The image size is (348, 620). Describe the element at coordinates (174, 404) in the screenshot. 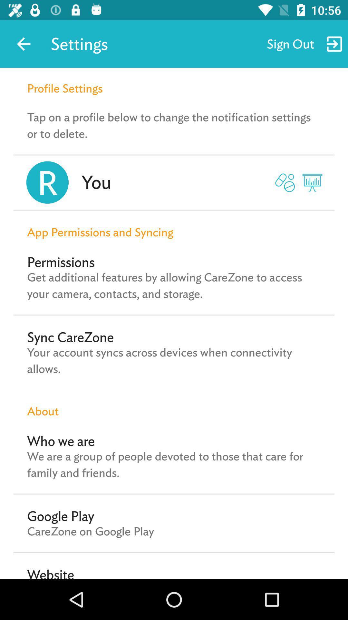

I see `item below the your account syncs` at that location.